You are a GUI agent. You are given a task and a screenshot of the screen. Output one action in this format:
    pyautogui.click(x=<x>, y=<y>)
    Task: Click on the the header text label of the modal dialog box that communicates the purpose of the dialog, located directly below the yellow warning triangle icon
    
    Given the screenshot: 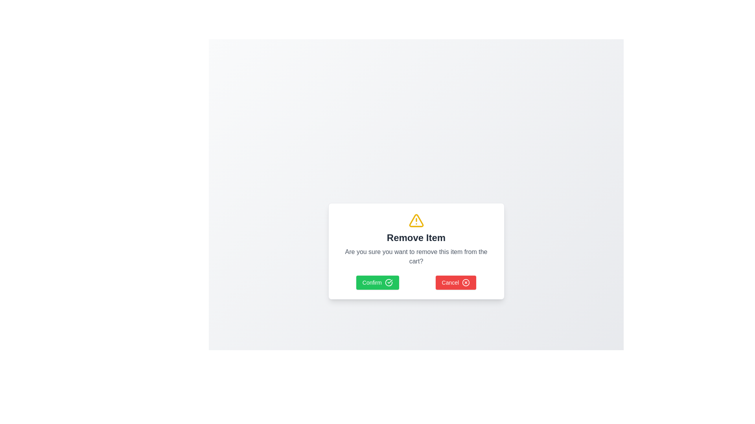 What is the action you would take?
    pyautogui.click(x=416, y=237)
    